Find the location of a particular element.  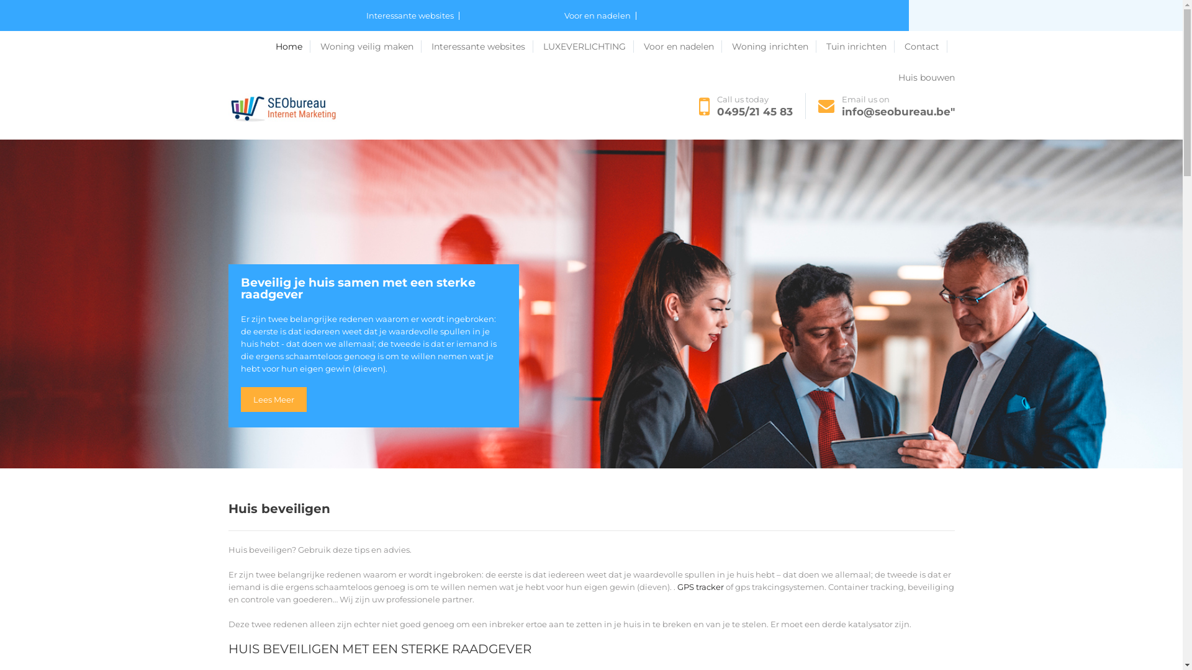

'Lees Meer' is located at coordinates (273, 400).